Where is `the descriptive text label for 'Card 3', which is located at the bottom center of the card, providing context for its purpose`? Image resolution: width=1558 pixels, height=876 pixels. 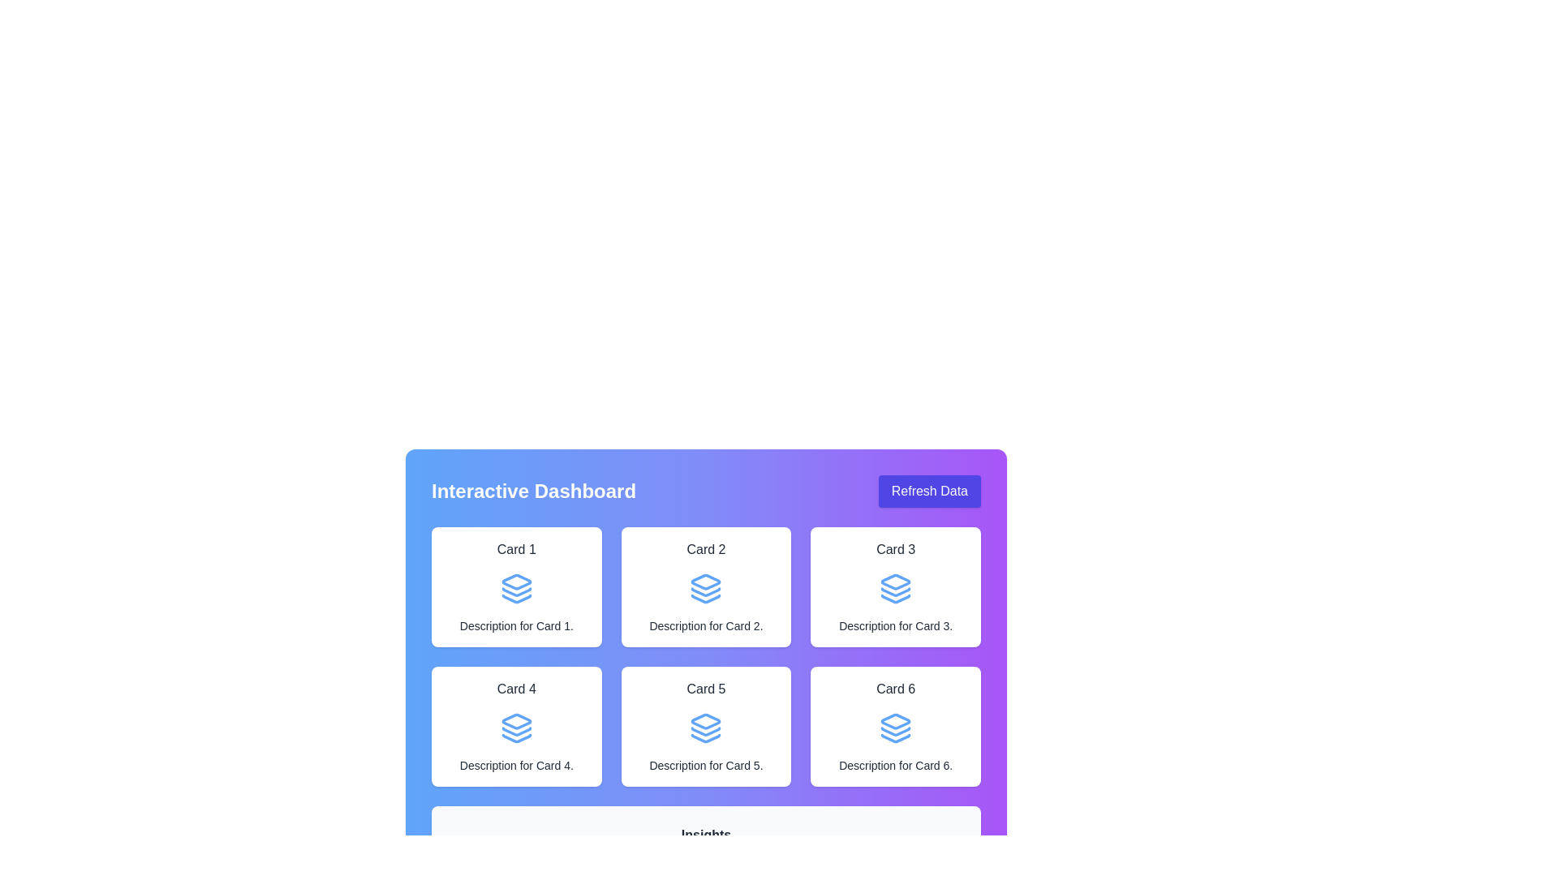 the descriptive text label for 'Card 3', which is located at the bottom center of the card, providing context for its purpose is located at coordinates (895, 625).